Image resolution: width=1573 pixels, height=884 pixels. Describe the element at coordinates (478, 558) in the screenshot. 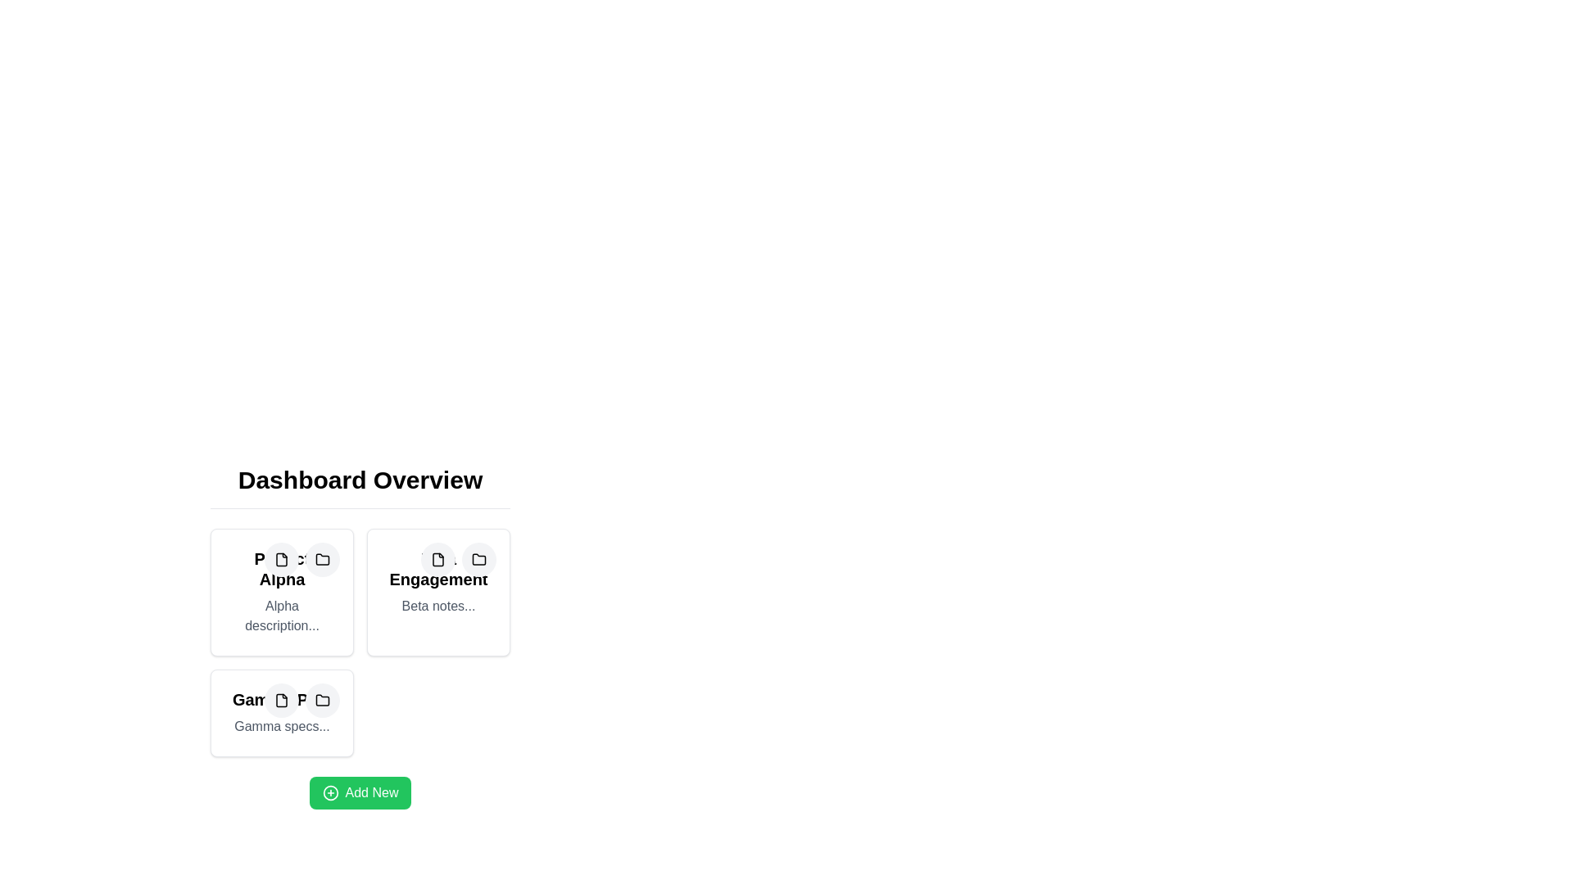

I see `the rounded gray button with a folder icon located in the top-right corner of the 'Engagement' card` at that location.